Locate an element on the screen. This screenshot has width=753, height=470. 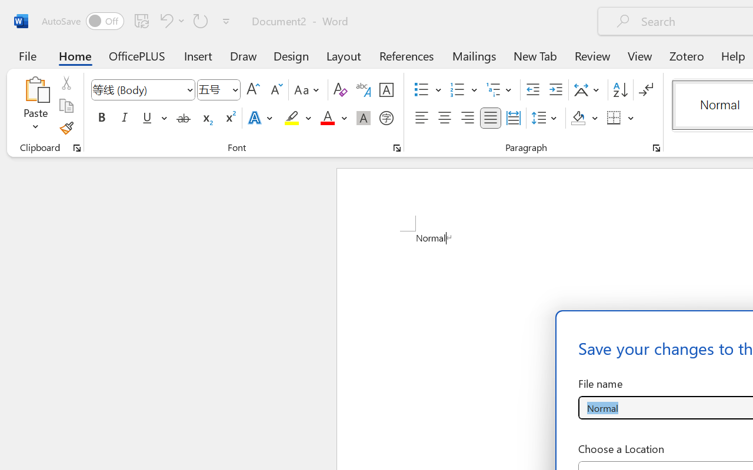
'Multilevel List' is located at coordinates (500, 90).